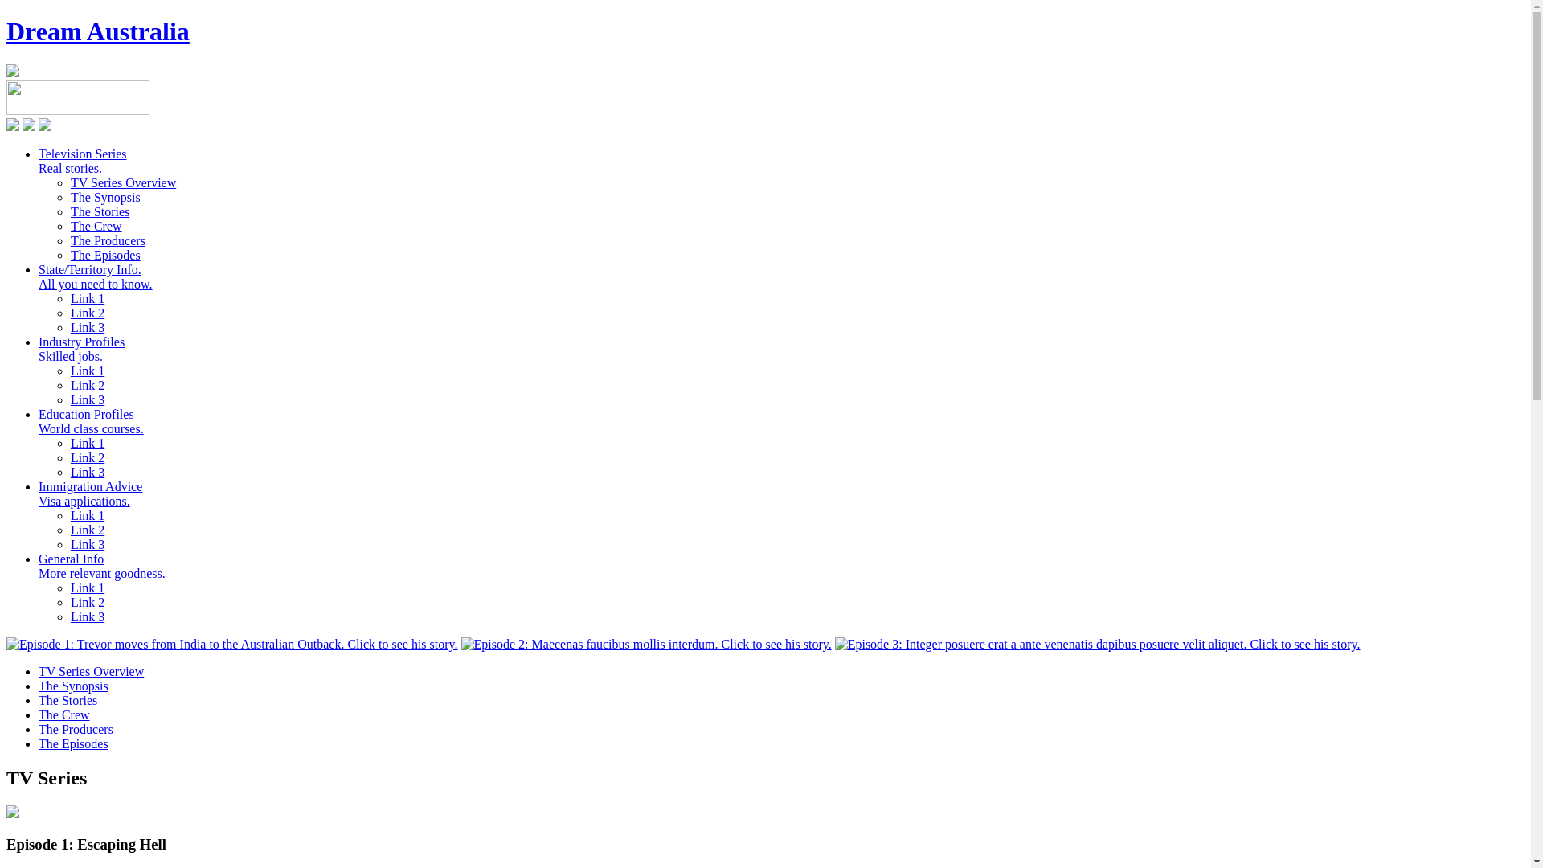 This screenshot has width=1543, height=868. What do you see at coordinates (96, 226) in the screenshot?
I see `'The Crew'` at bounding box center [96, 226].